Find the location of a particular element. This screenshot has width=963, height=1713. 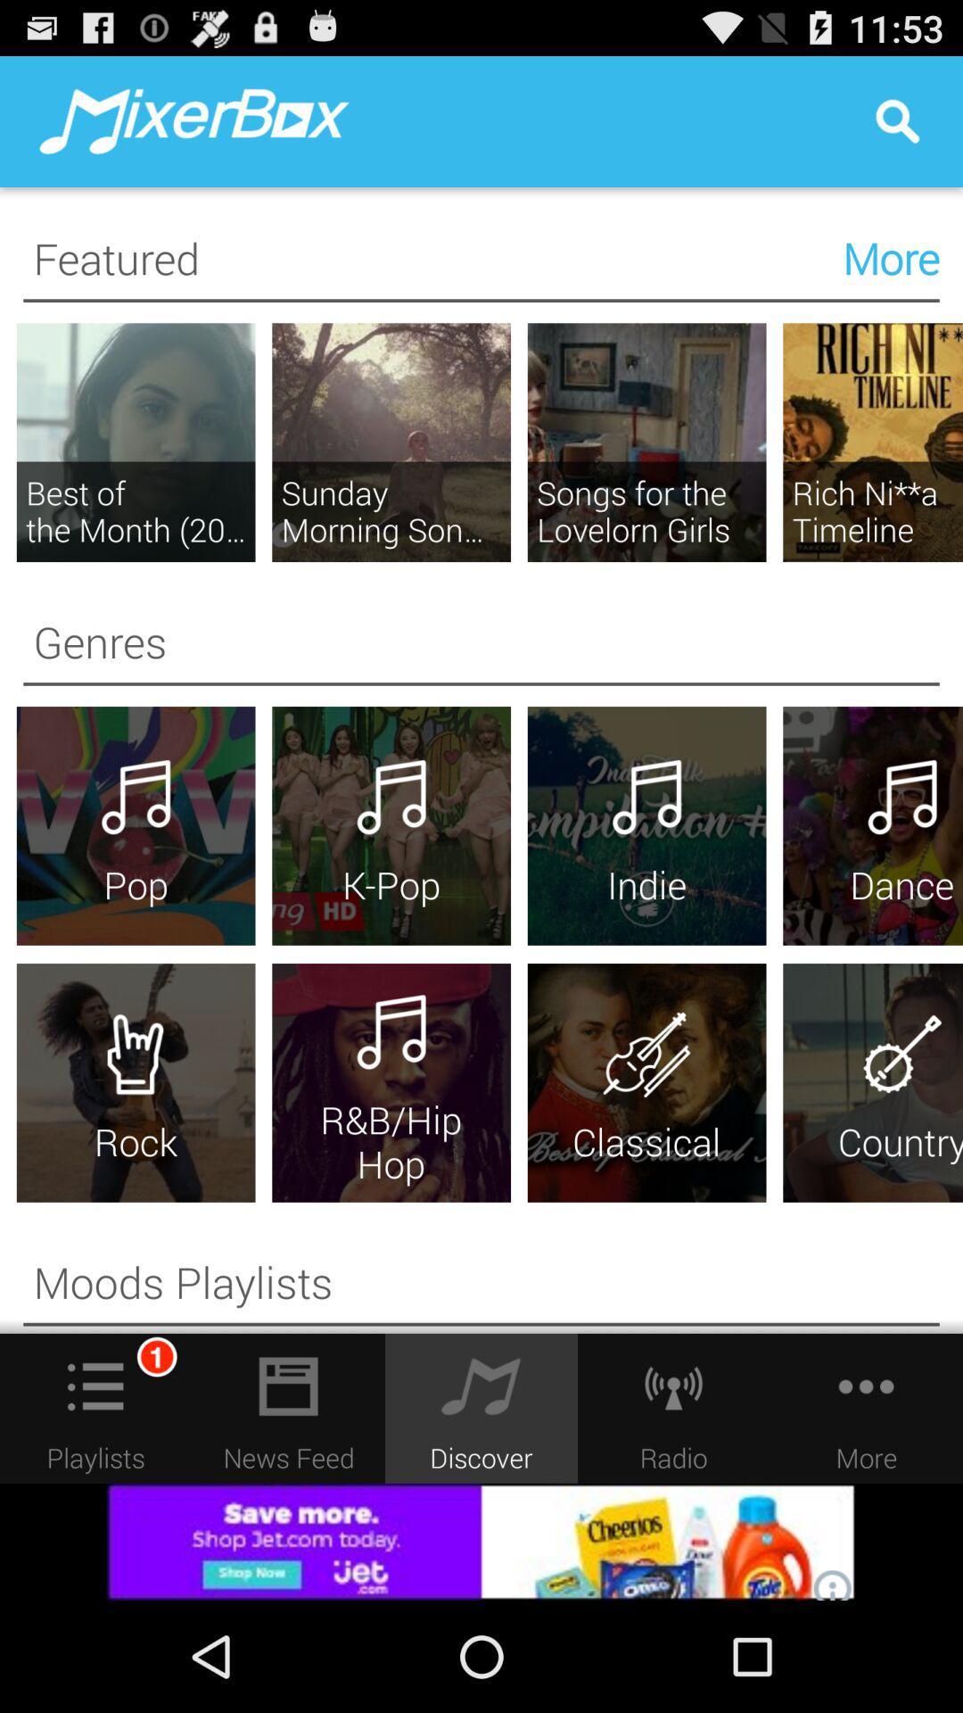

advertisement is located at coordinates (481, 1541).